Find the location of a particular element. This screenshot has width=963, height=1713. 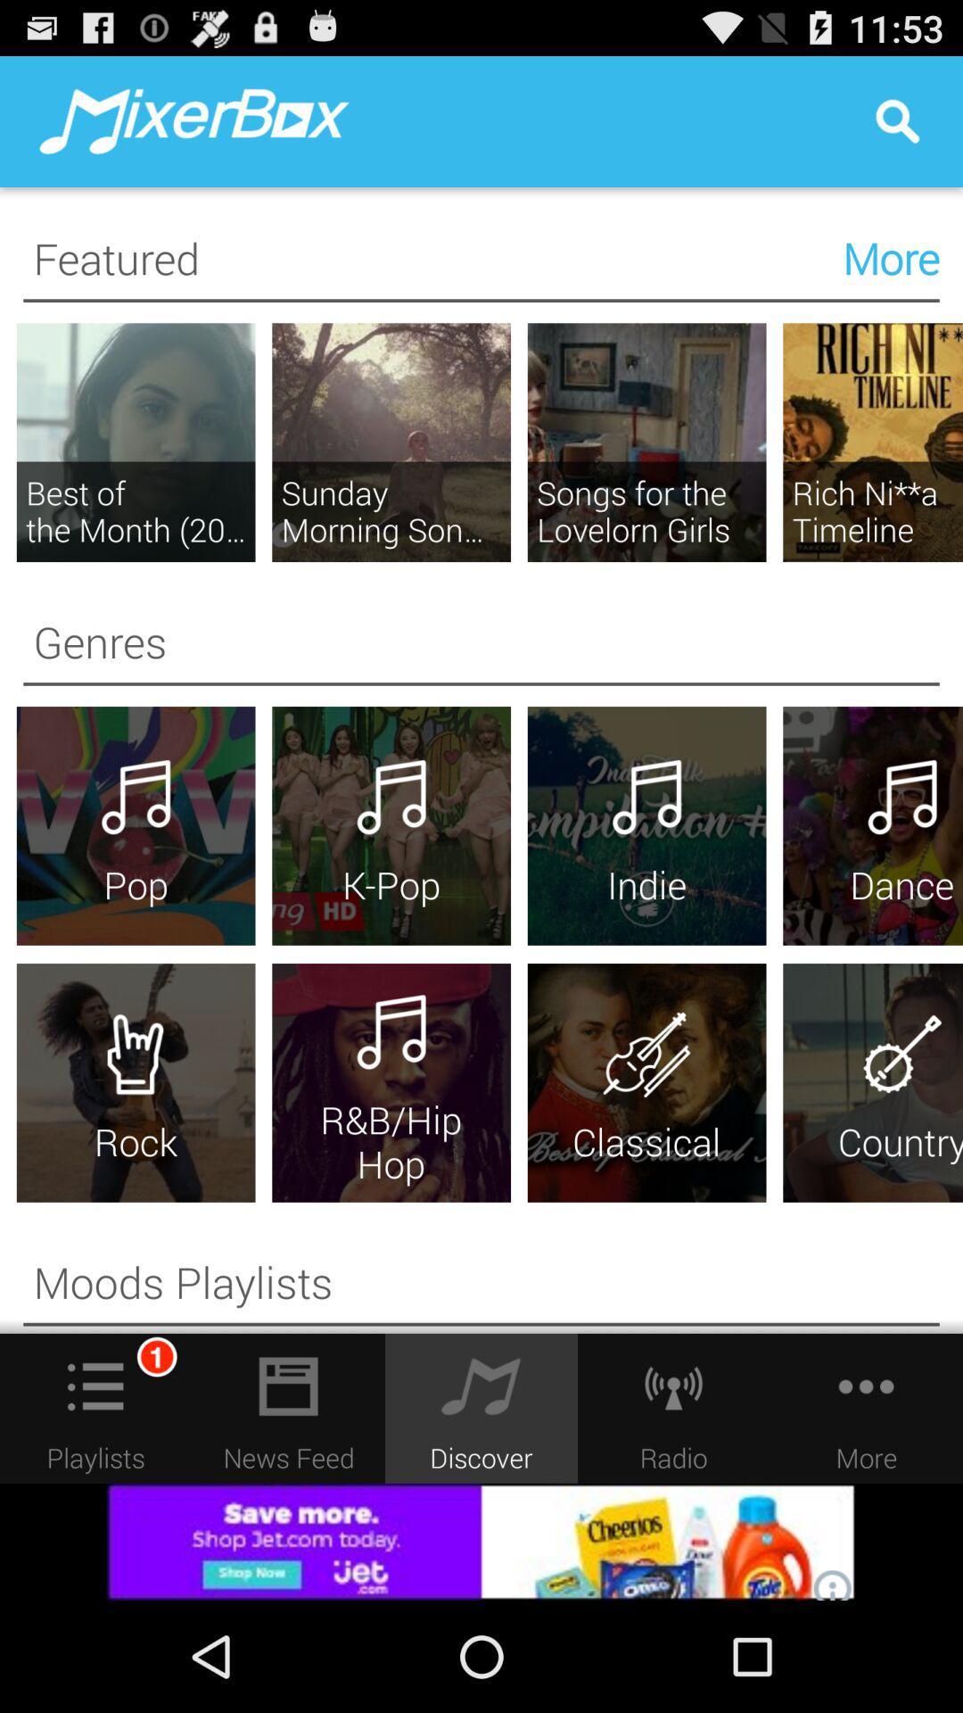

advertisement is located at coordinates (481, 1541).